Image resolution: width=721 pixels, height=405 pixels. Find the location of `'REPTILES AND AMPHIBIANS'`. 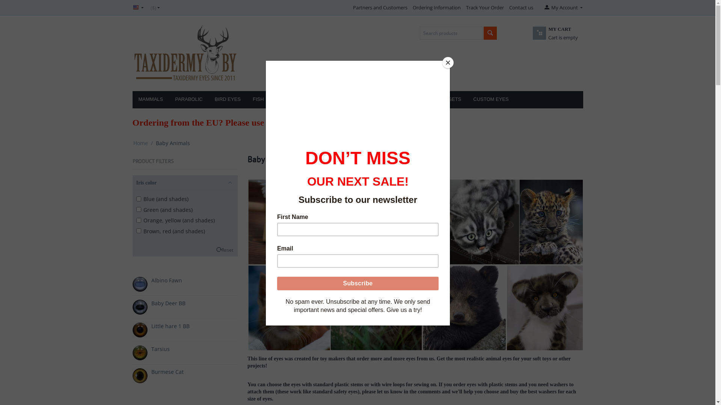

'REPTILES AND AMPHIBIANS' is located at coordinates (309, 99).